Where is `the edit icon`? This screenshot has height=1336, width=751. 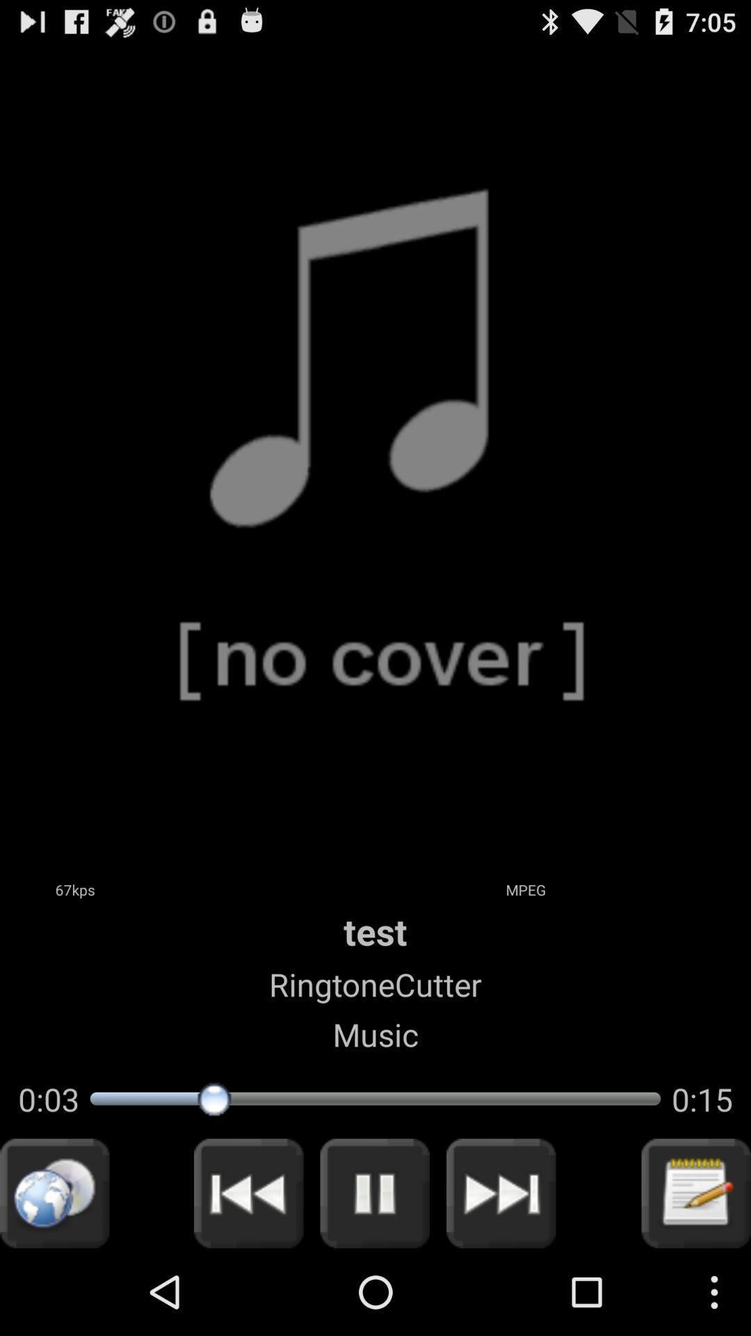 the edit icon is located at coordinates (696, 1277).